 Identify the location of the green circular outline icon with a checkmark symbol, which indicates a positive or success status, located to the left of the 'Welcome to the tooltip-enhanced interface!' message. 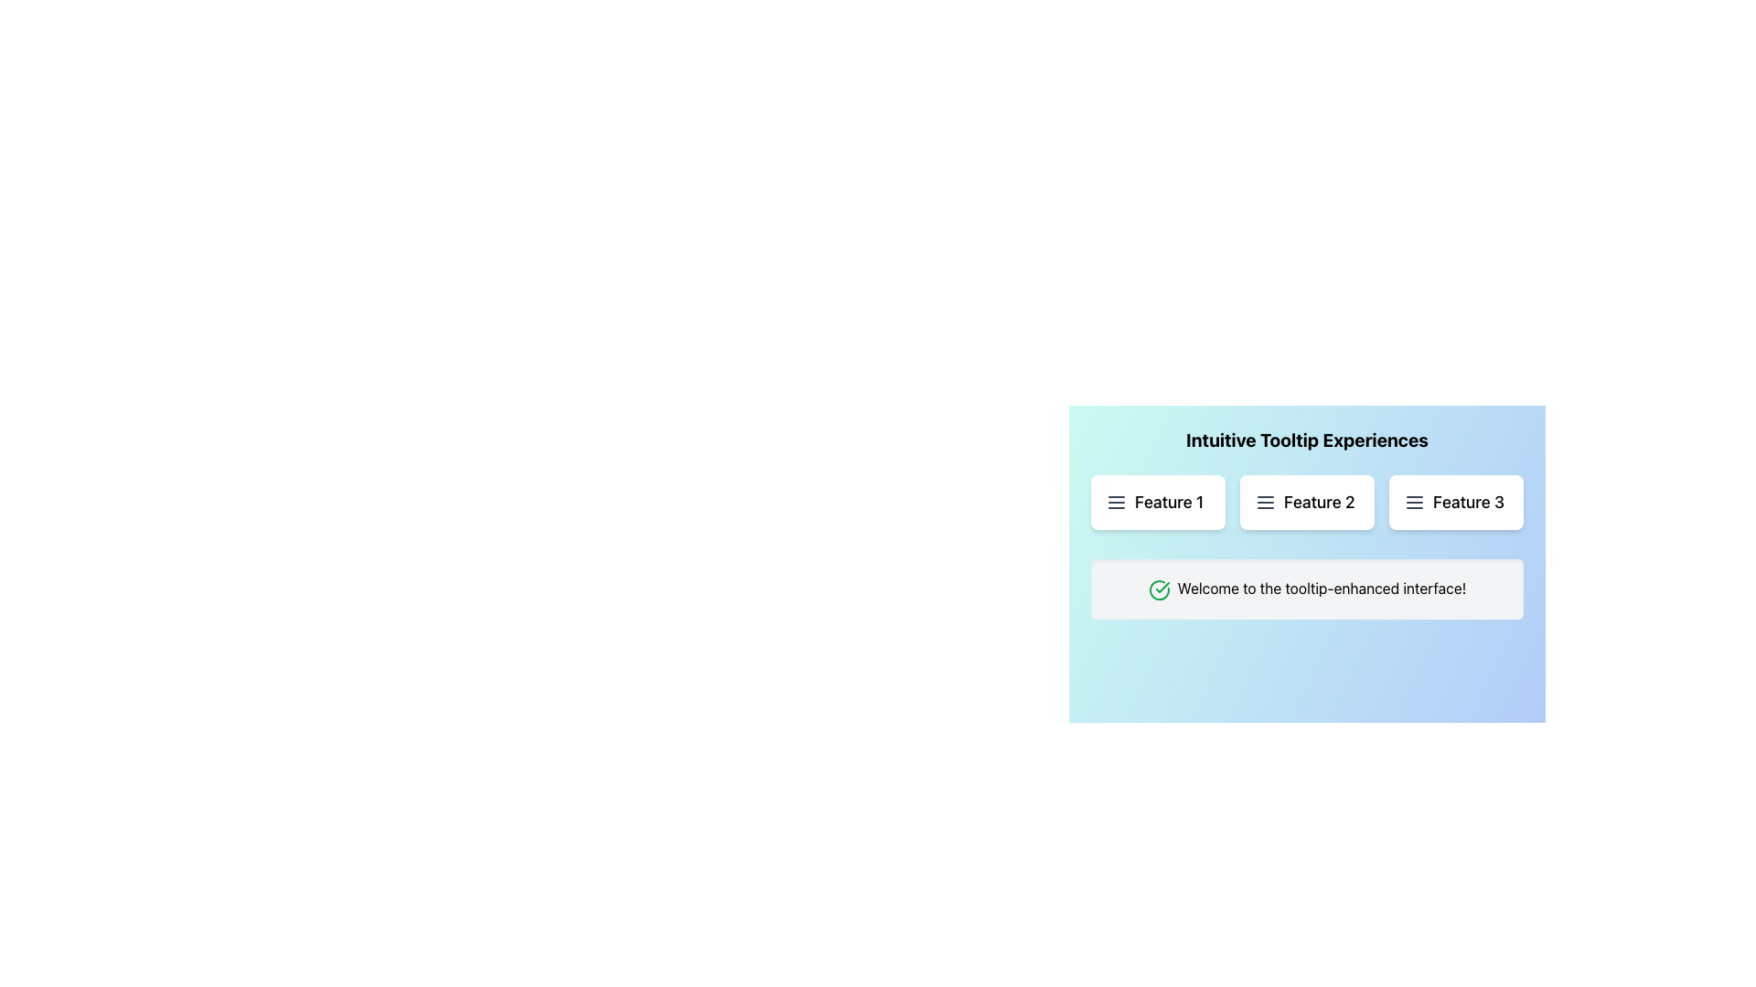
(1158, 589).